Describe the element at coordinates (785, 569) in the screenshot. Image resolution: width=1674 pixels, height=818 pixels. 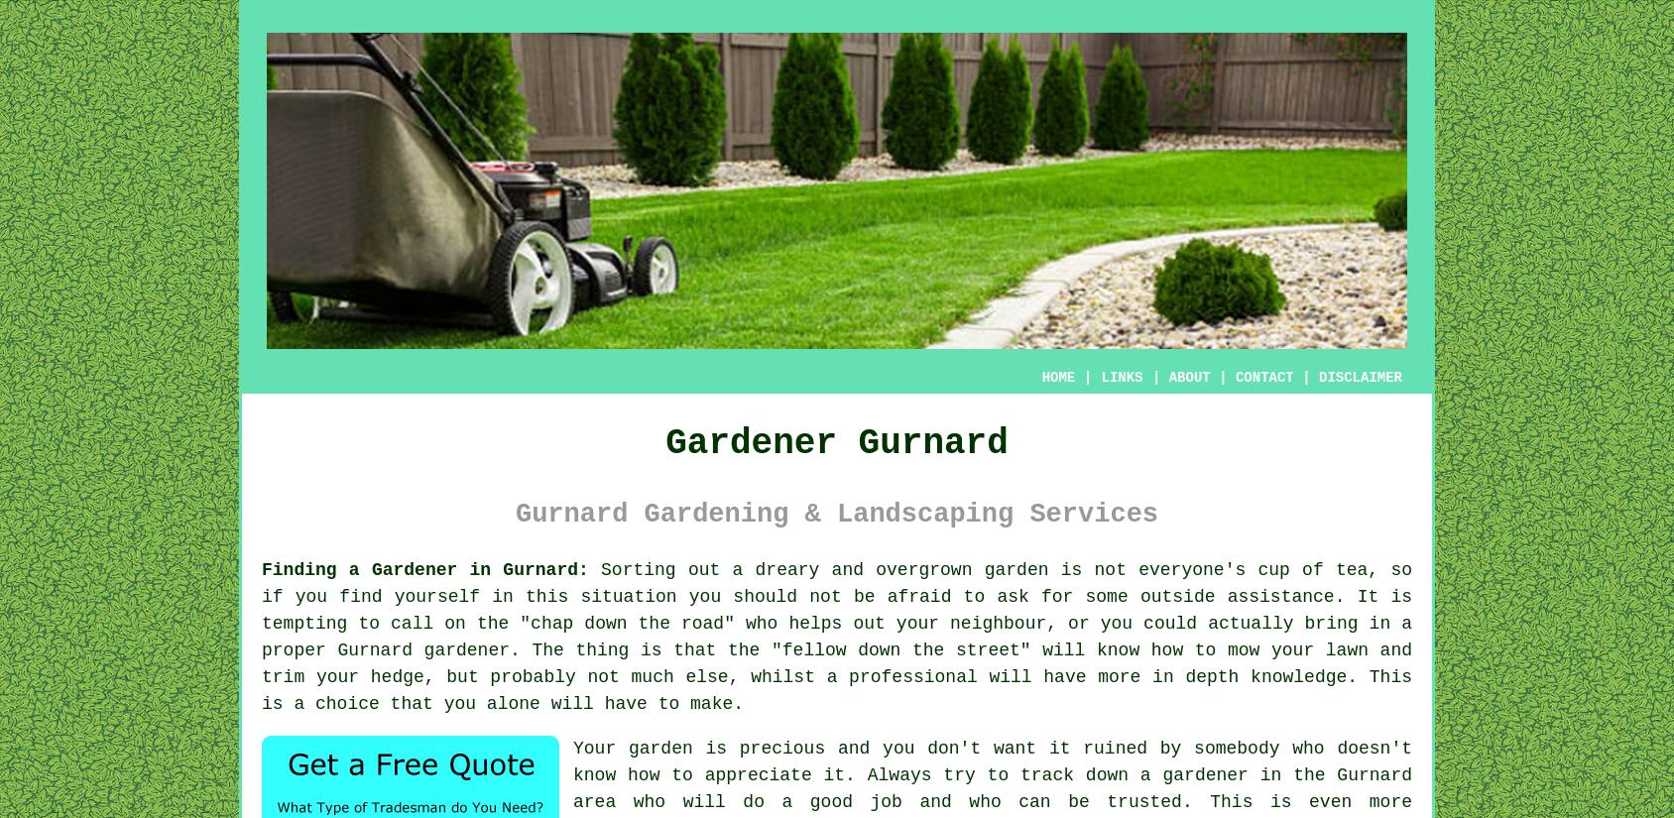
I see `'Sorting out a dreary and overgrown'` at that location.